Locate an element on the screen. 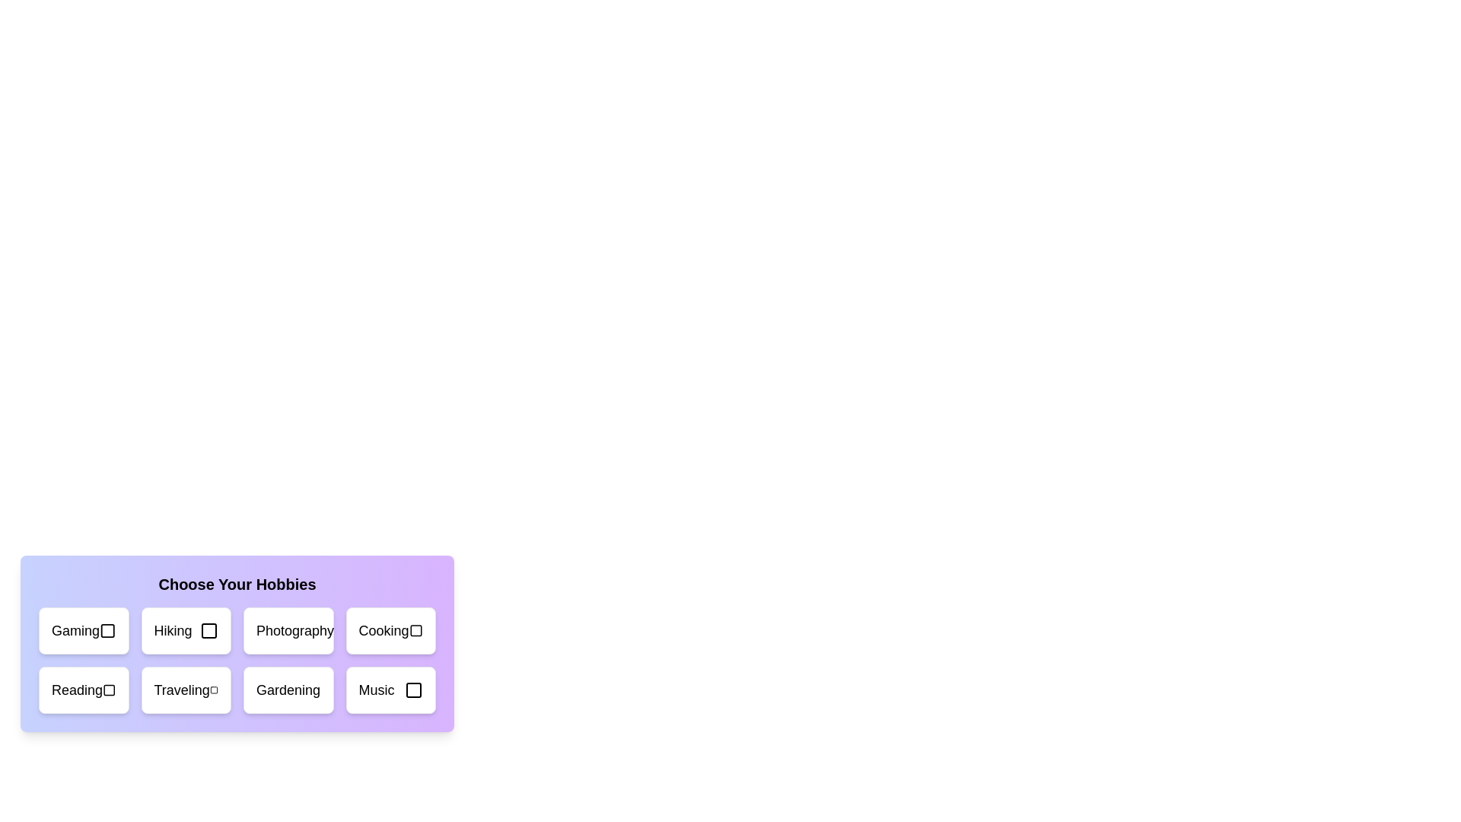 This screenshot has height=822, width=1461. the hobby card labeled 'Music' is located at coordinates (390, 690).